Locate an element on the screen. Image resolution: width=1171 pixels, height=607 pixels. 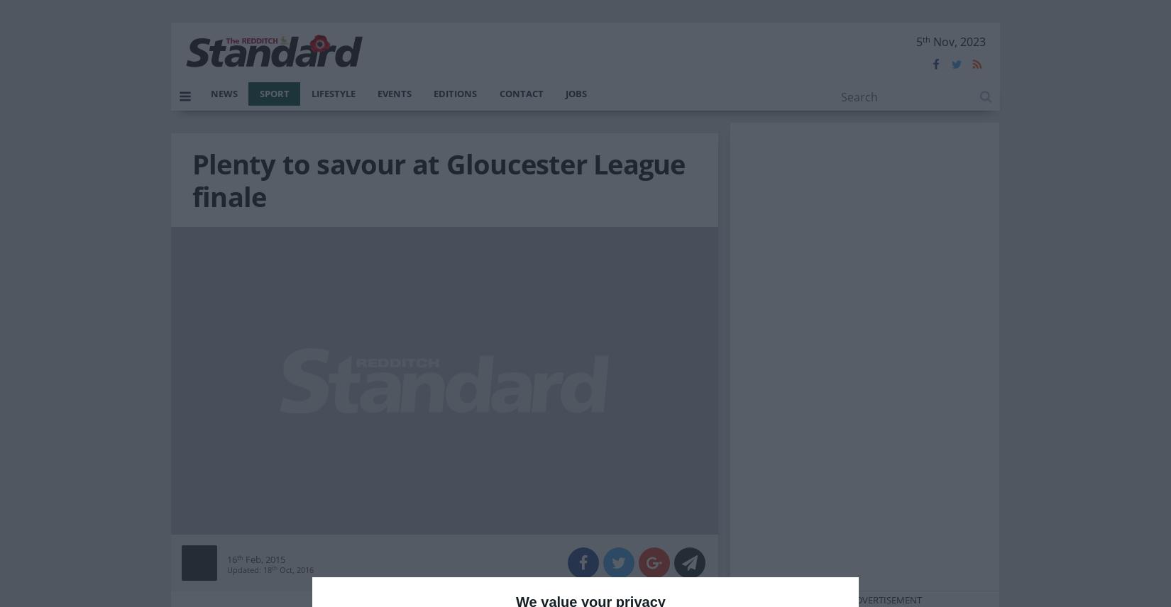
'LifeStyle' is located at coordinates (310, 91).